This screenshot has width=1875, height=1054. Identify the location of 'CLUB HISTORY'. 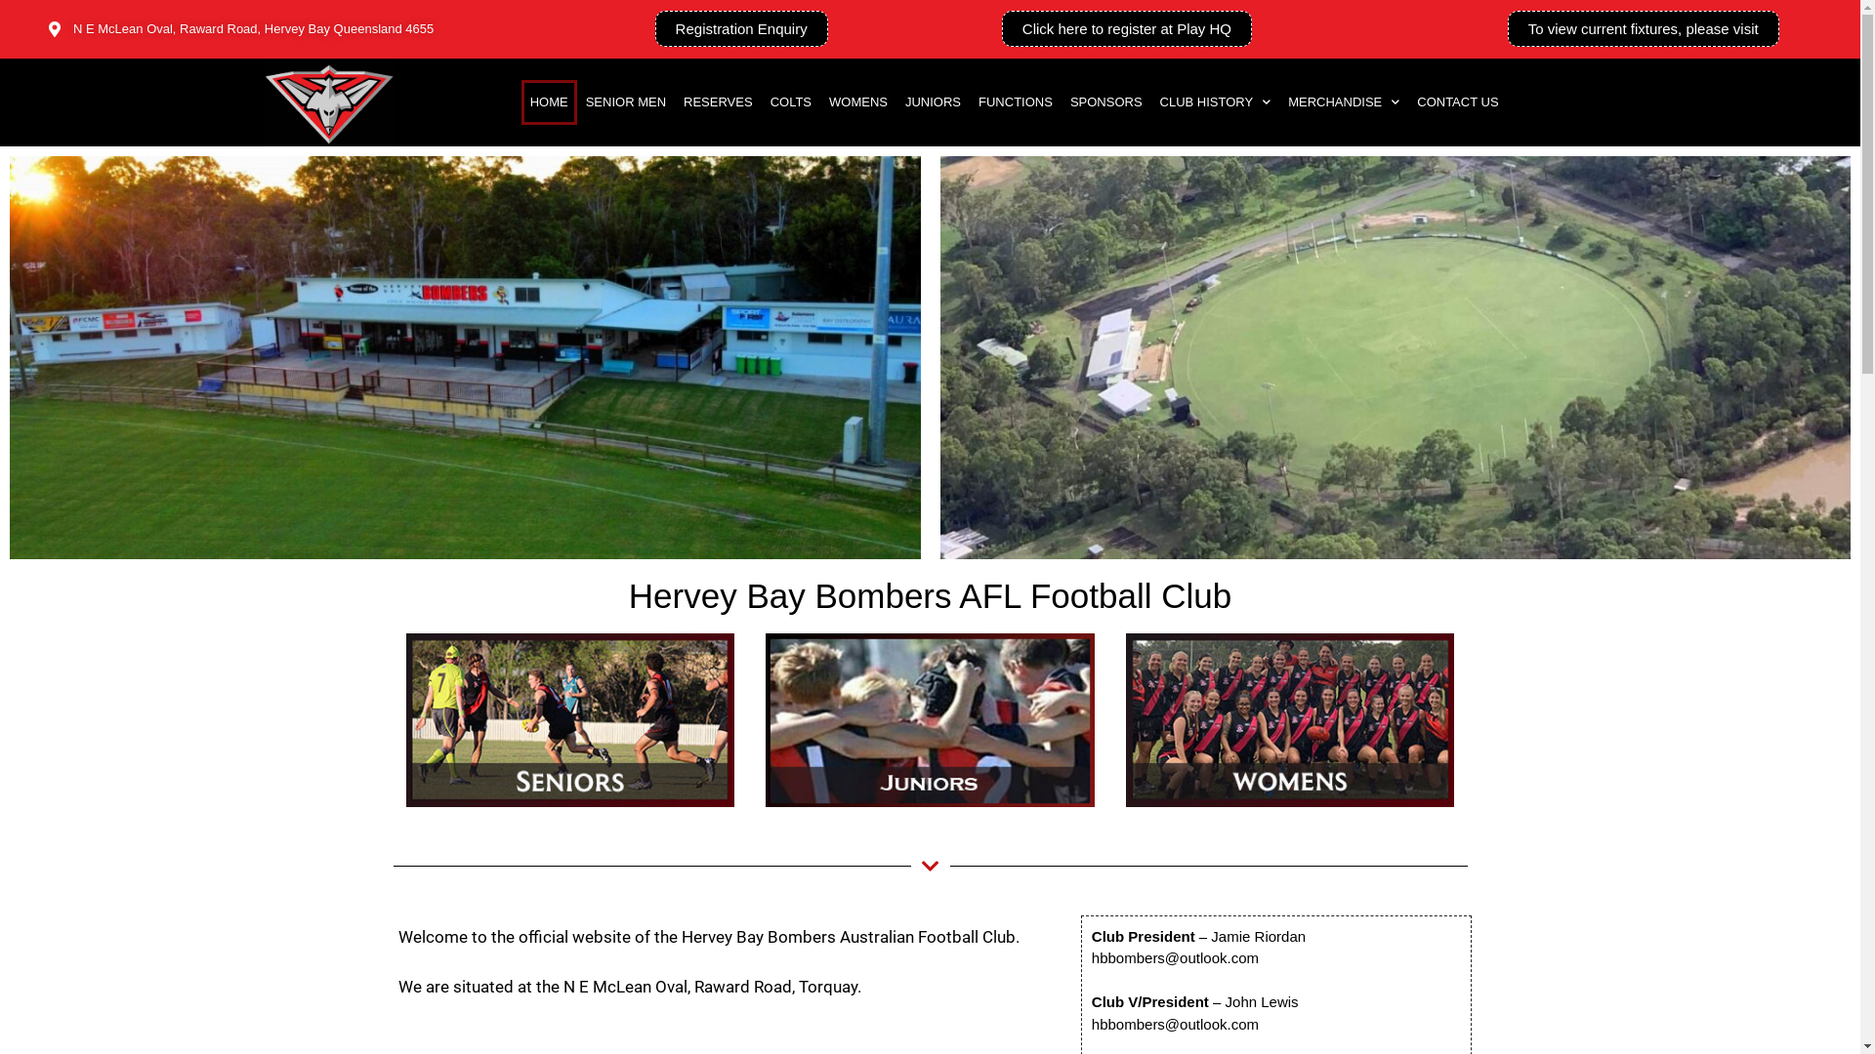
(1214, 101).